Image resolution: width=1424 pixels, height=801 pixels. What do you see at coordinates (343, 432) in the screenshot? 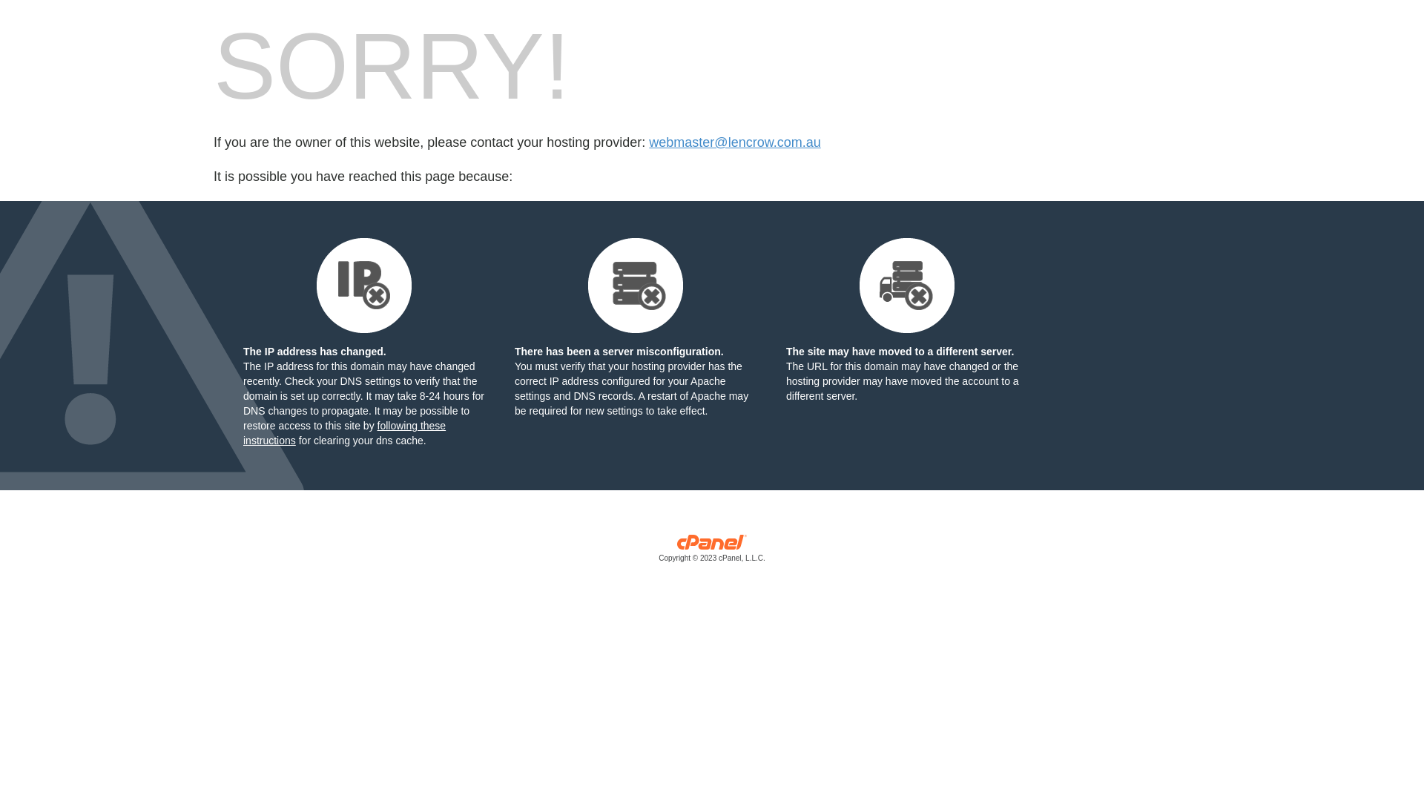
I see `'following these instructions'` at bounding box center [343, 432].